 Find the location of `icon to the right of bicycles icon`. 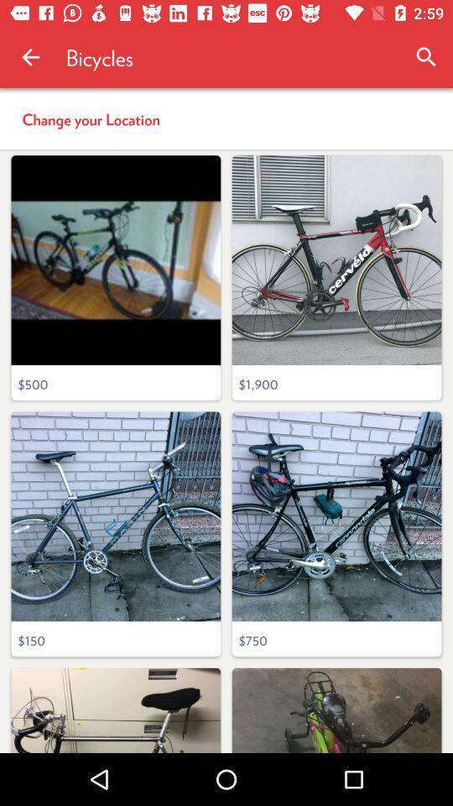

icon to the right of bicycles icon is located at coordinates (426, 57).